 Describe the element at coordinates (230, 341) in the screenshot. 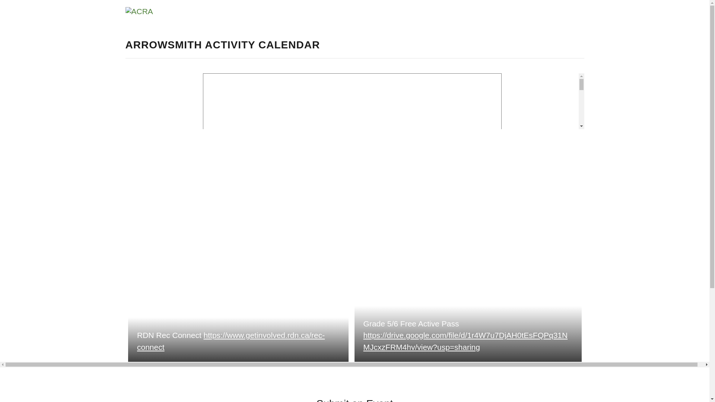

I see `'https://www.getinvolved.rdn.ca/rec-connect'` at that location.